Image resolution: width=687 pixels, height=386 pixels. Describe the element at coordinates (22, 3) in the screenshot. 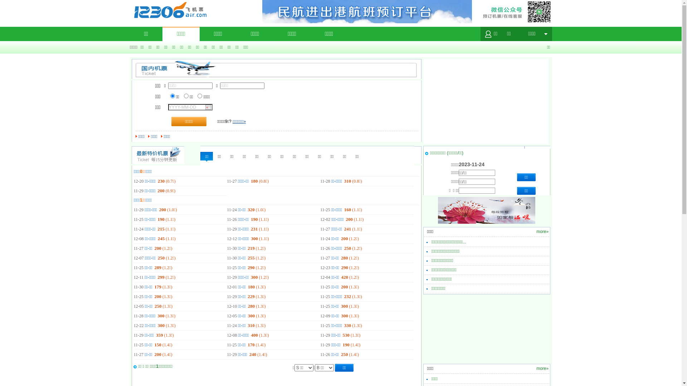

I see `'YYYY-MM-DD'` at that location.